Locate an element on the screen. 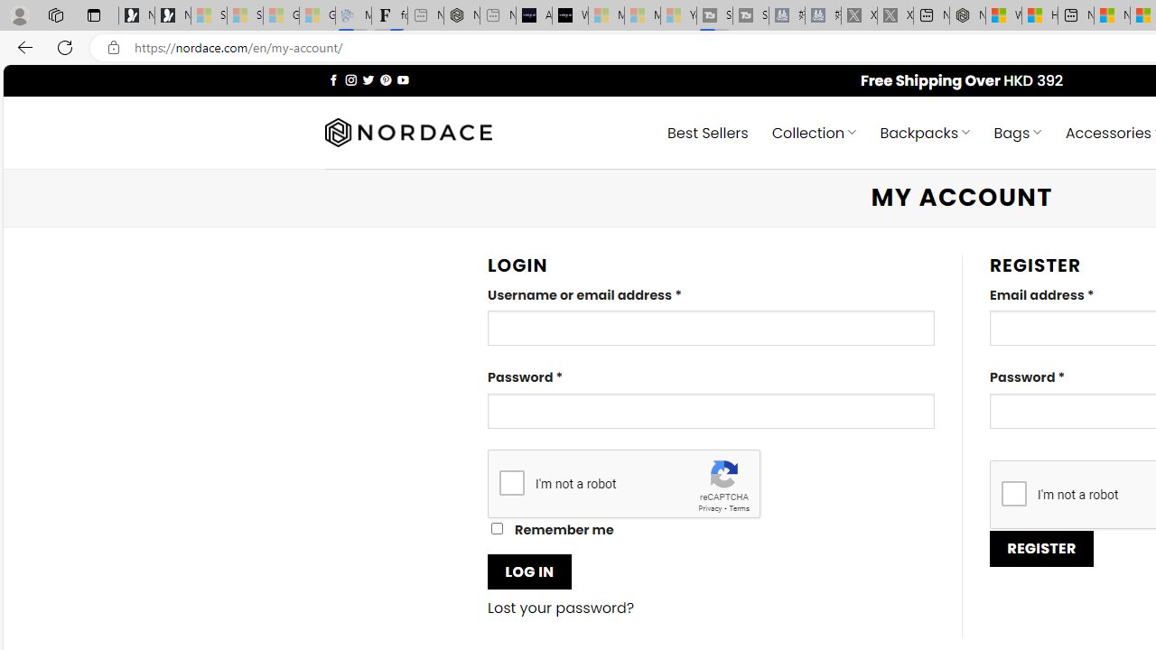 This screenshot has width=1156, height=650. ' Best Sellers' is located at coordinates (707, 131).